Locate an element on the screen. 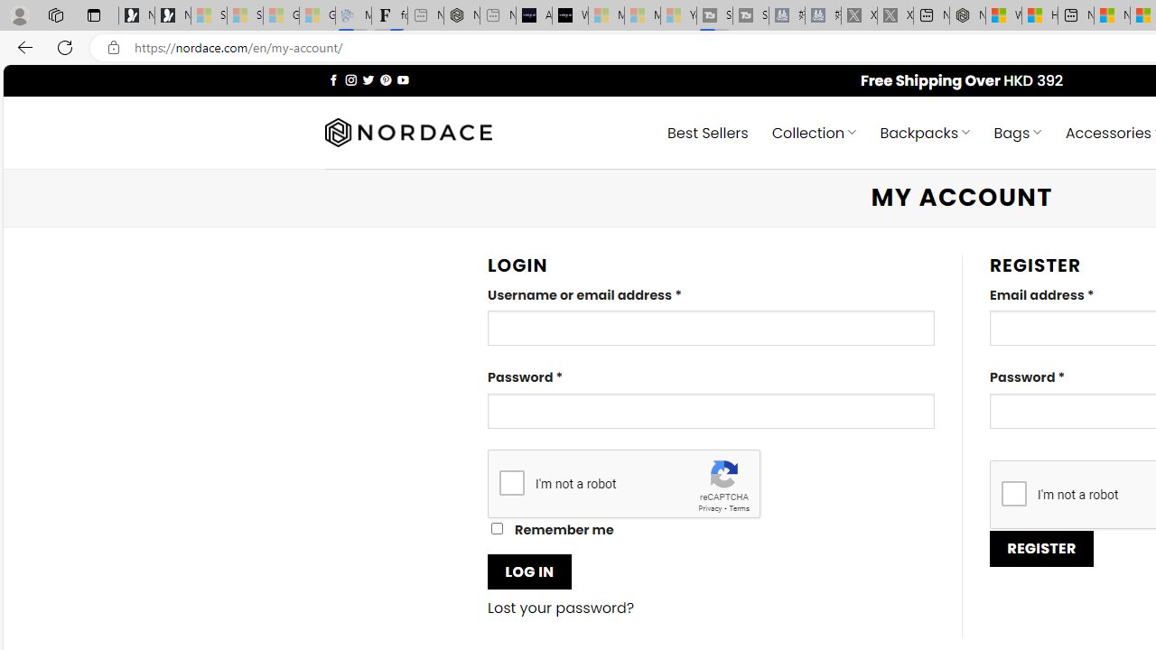 This screenshot has width=1156, height=650. ' Best Sellers' is located at coordinates (707, 131).